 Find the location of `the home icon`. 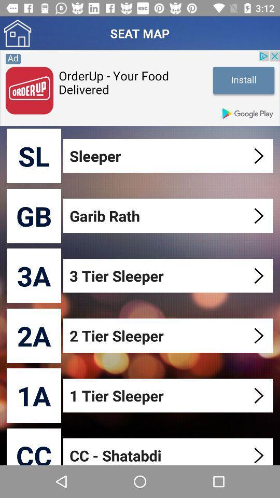

the home icon is located at coordinates (17, 33).